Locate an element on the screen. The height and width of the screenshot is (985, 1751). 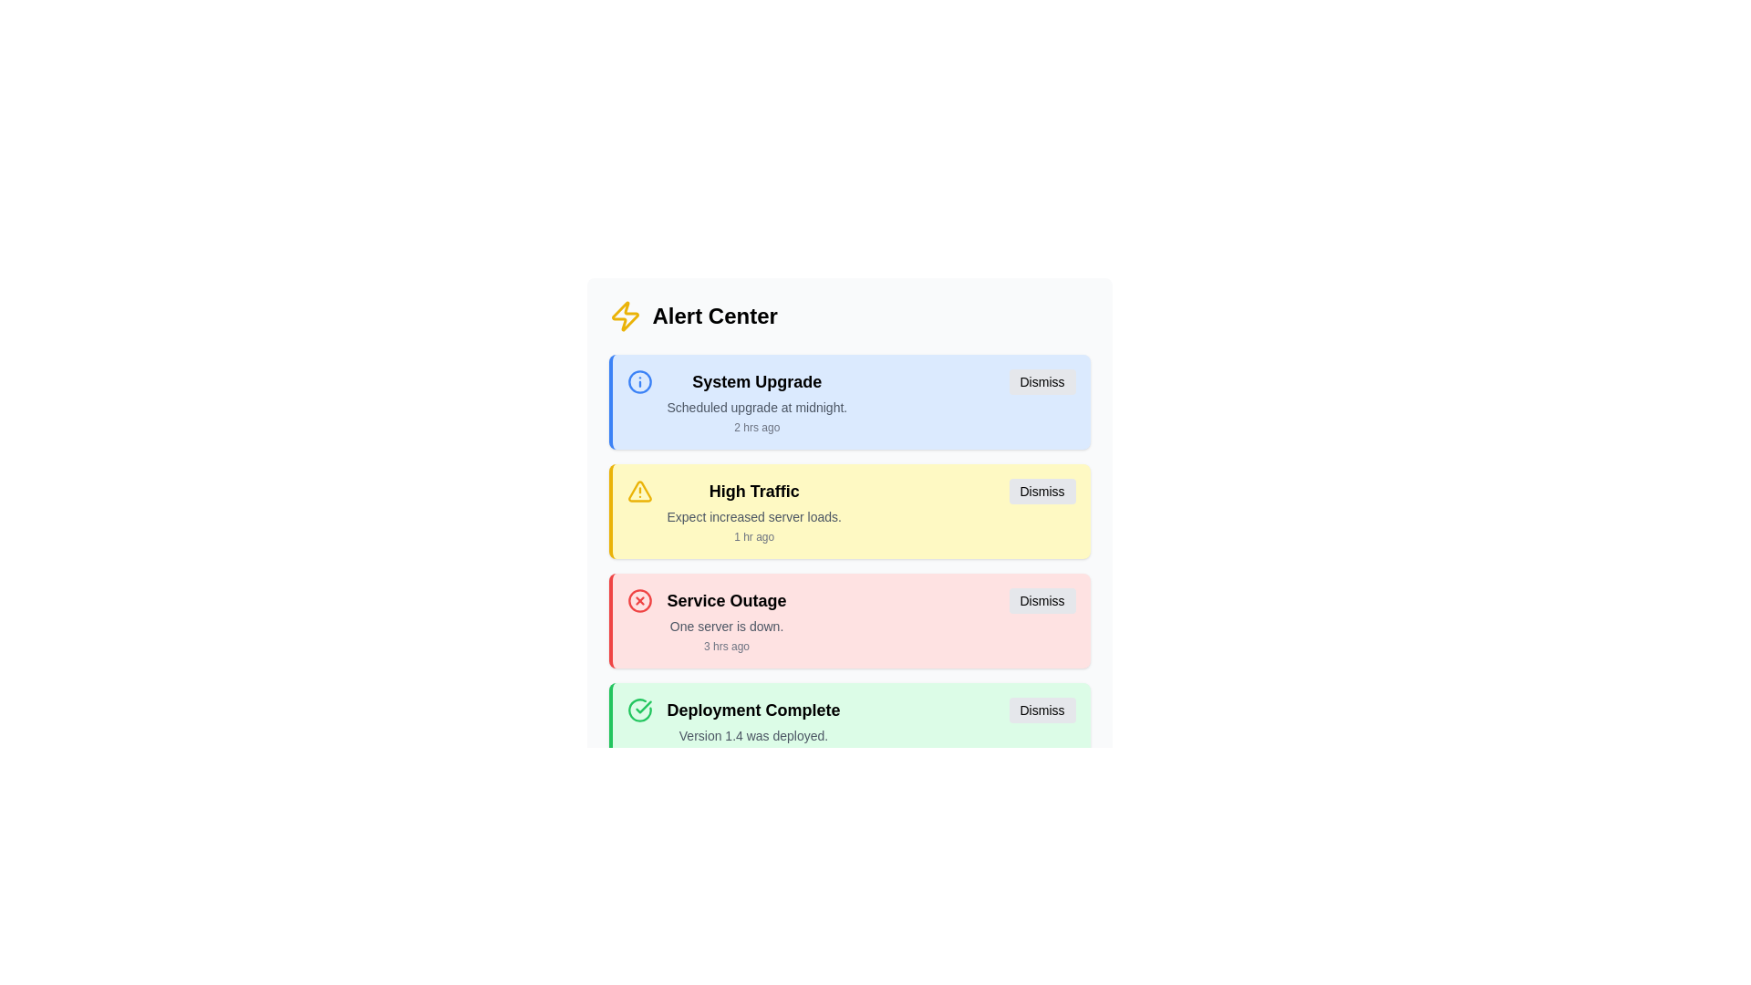
text label displaying 'Version 1.4 was deployed.' located in the lower section of the 'Deployment Complete' notification card is located at coordinates (753, 734).